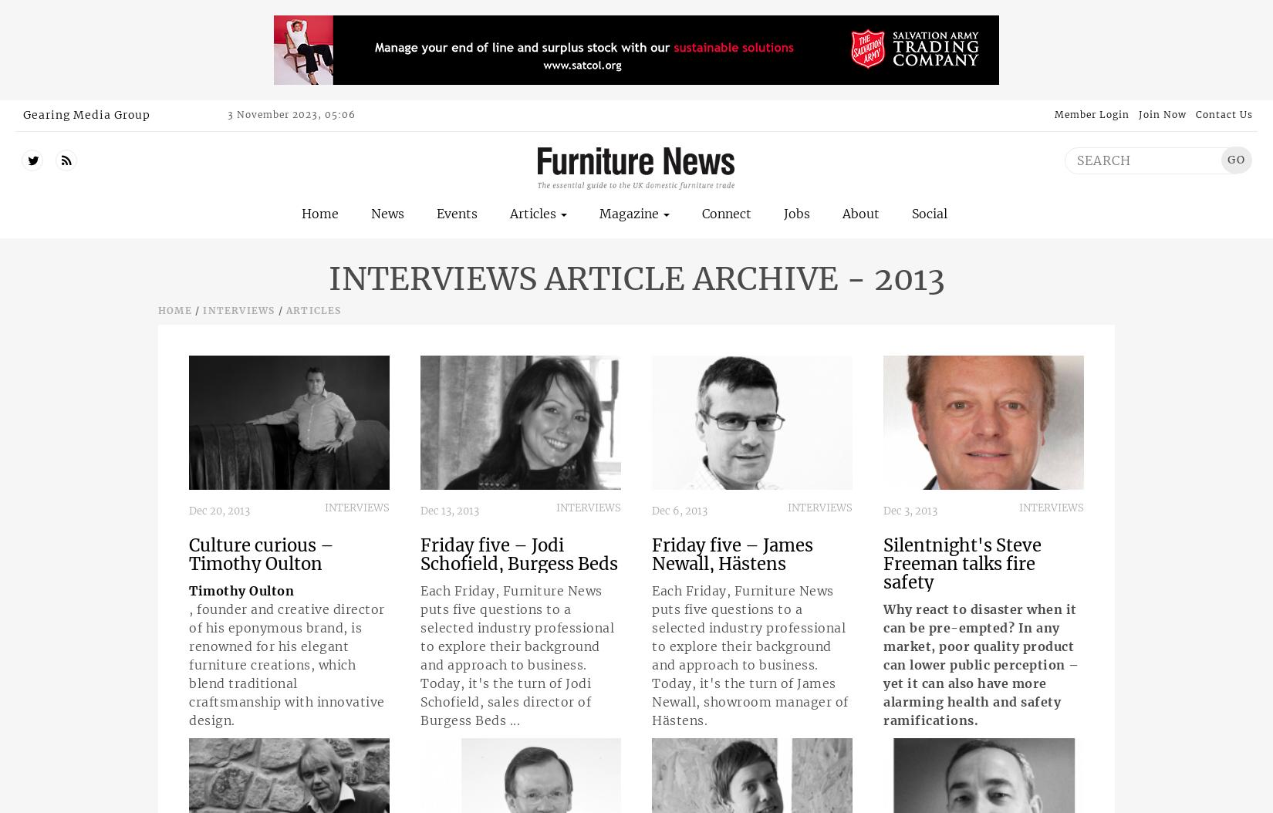  What do you see at coordinates (929, 212) in the screenshot?
I see `'Social'` at bounding box center [929, 212].